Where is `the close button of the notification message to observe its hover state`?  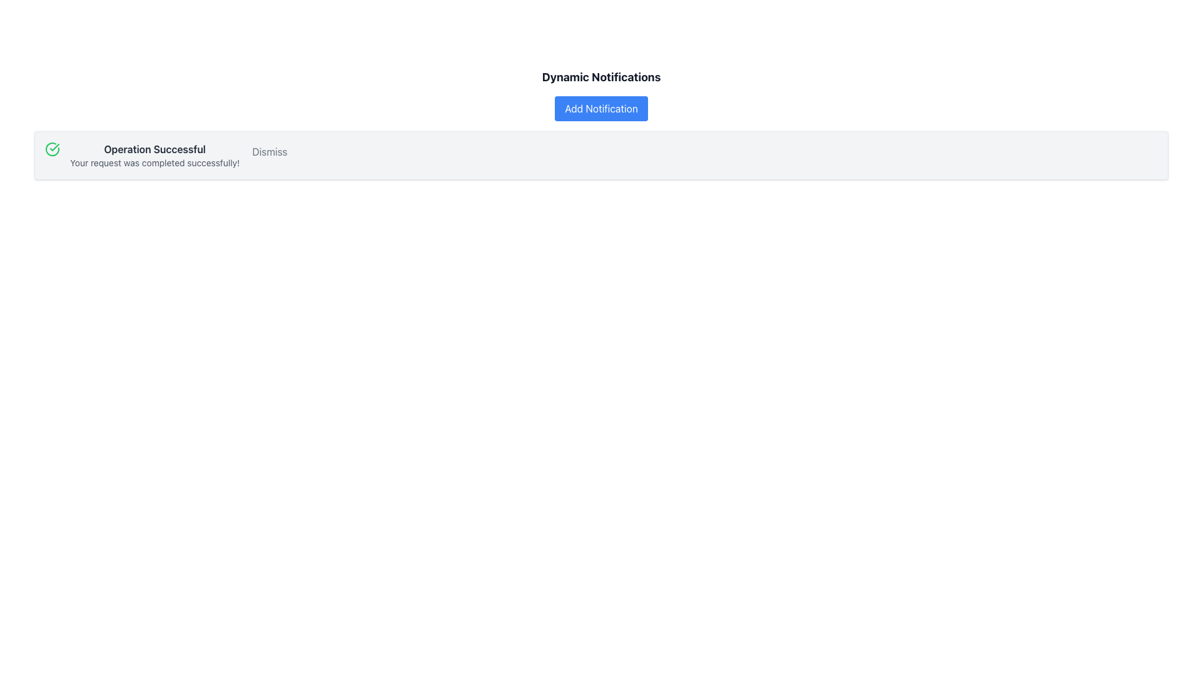 the close button of the notification message to observe its hover state is located at coordinates (269, 151).